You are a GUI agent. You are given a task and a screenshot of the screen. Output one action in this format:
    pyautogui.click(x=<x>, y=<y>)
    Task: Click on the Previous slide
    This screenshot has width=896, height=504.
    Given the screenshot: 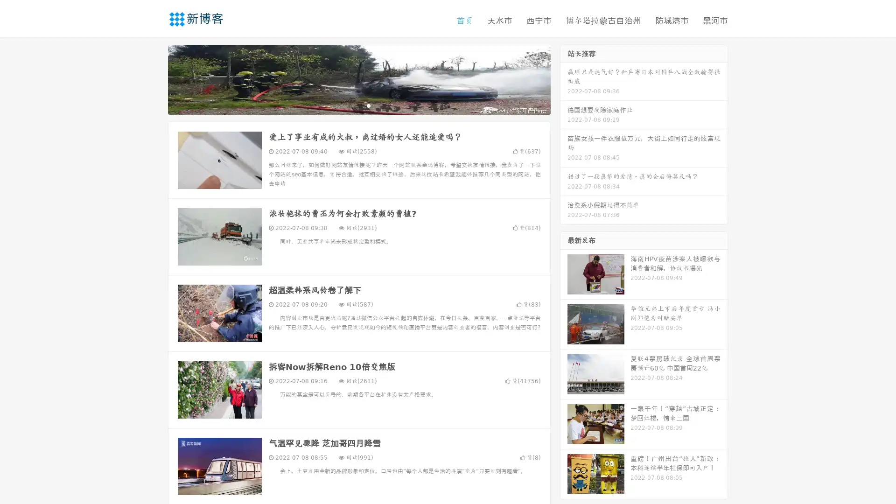 What is the action you would take?
    pyautogui.click(x=154, y=78)
    